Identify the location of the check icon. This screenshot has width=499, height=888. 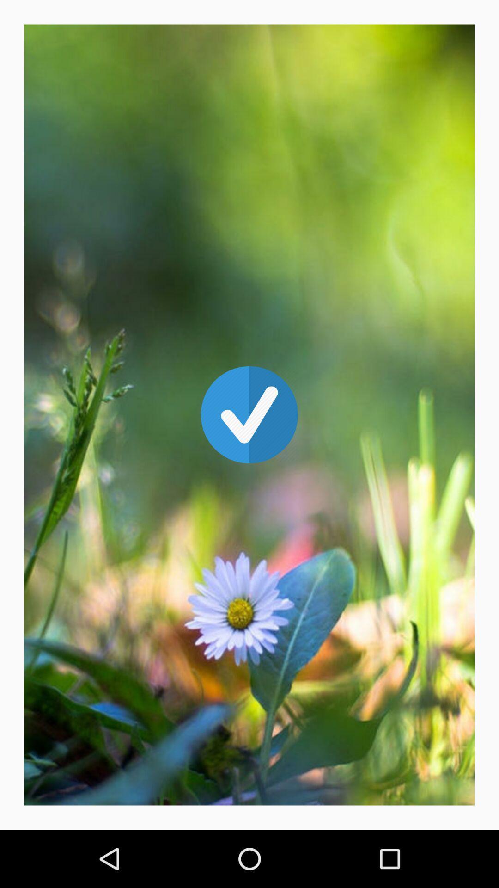
(249, 414).